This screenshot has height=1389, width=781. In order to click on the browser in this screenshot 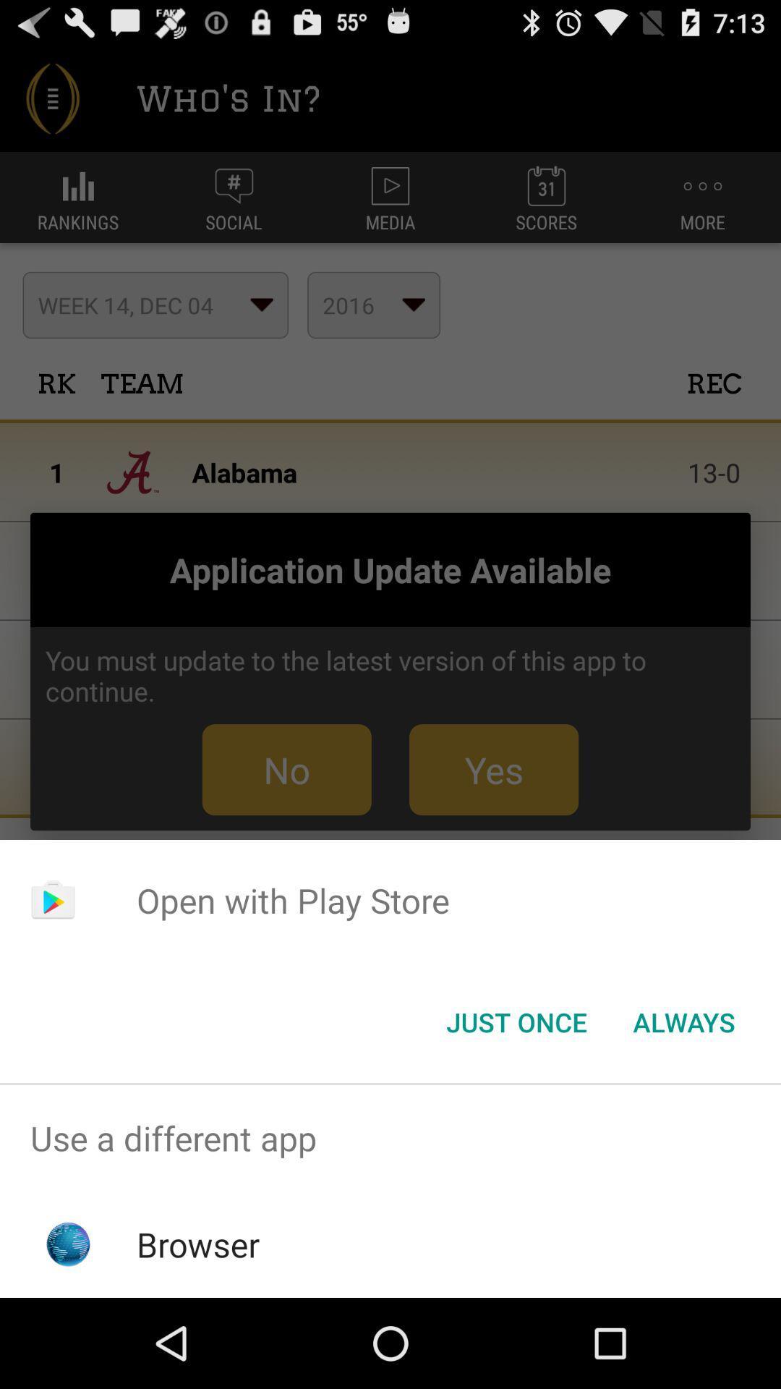, I will do `click(198, 1244)`.